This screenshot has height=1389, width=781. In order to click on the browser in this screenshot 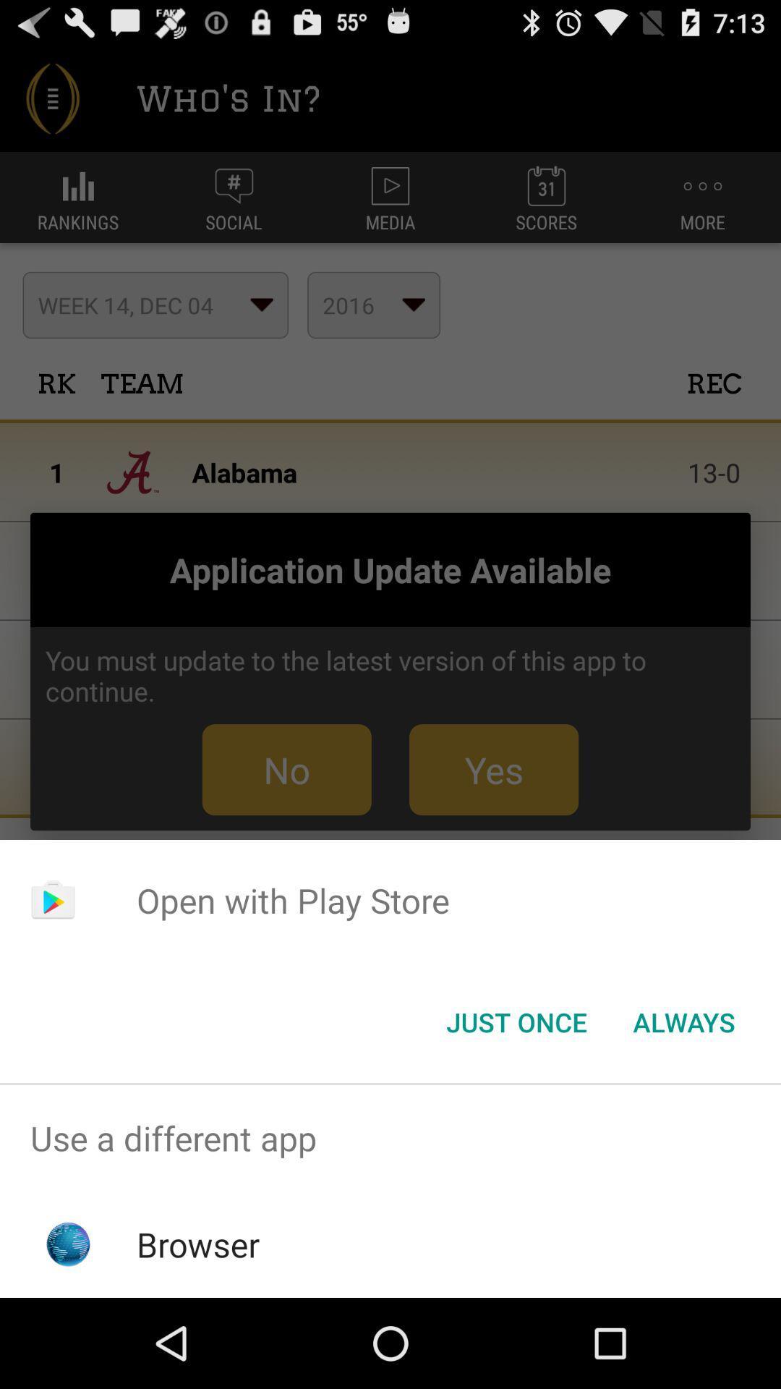, I will do `click(198, 1244)`.